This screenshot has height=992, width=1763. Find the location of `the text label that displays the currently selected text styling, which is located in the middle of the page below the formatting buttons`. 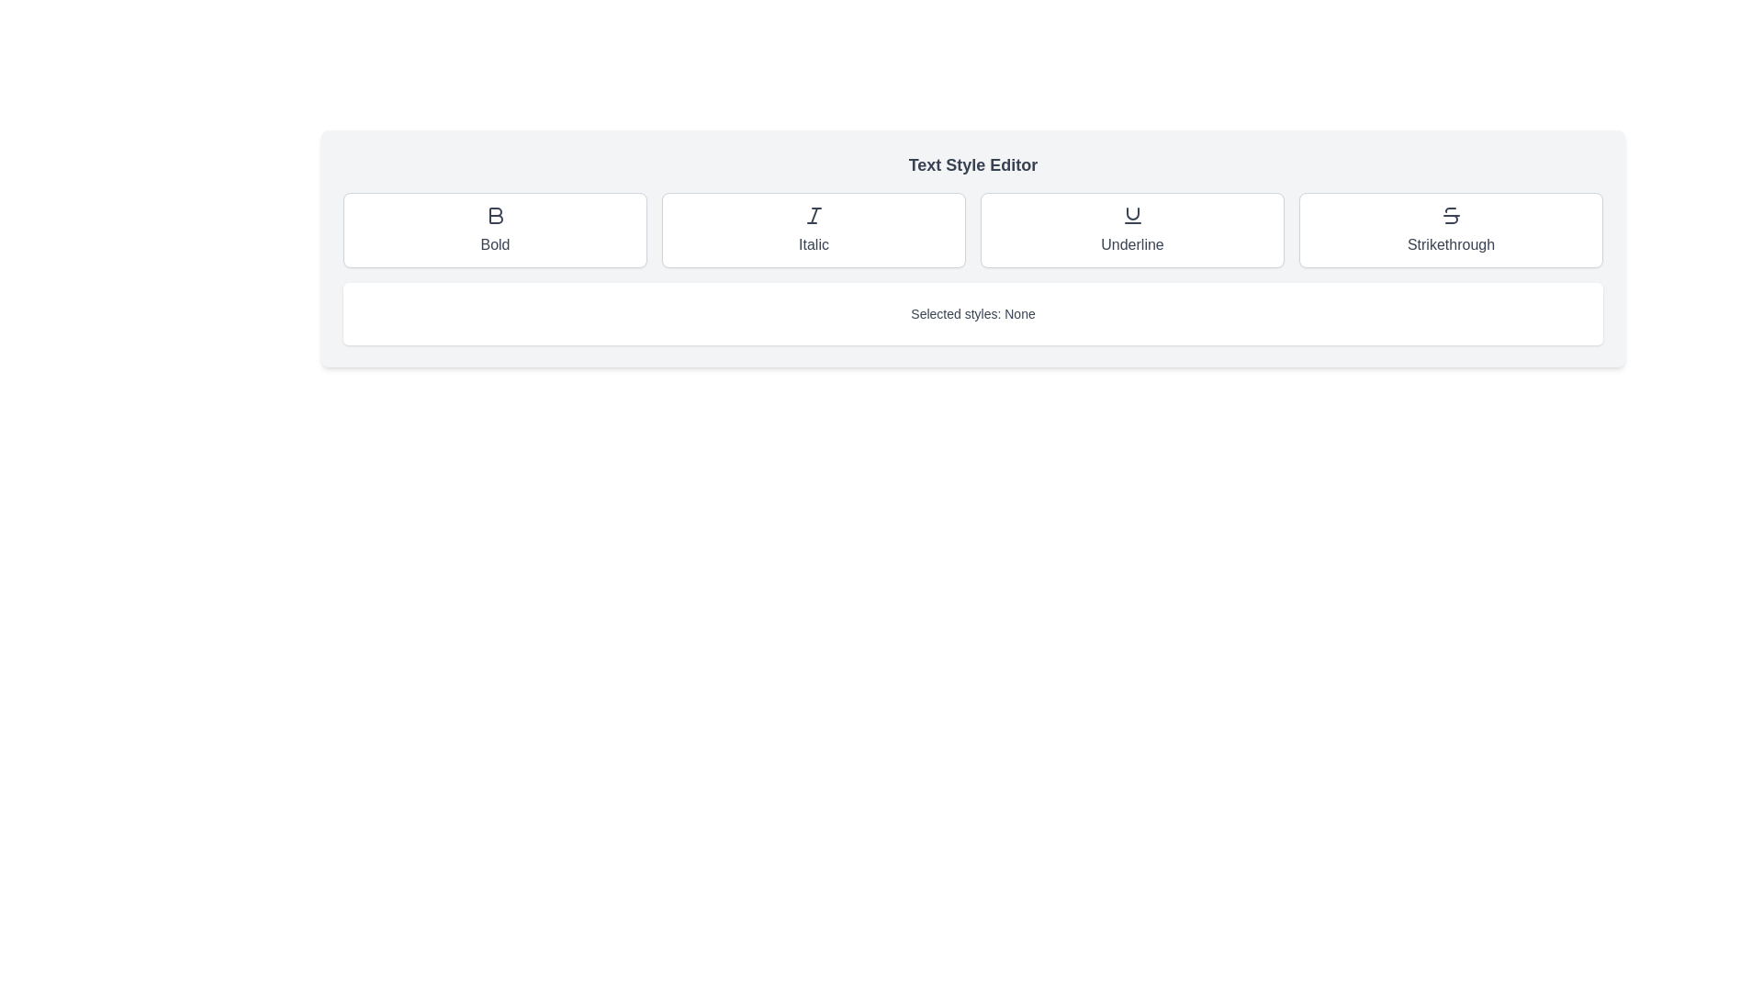

the text label that displays the currently selected text styling, which is located in the middle of the page below the formatting buttons is located at coordinates (972, 313).